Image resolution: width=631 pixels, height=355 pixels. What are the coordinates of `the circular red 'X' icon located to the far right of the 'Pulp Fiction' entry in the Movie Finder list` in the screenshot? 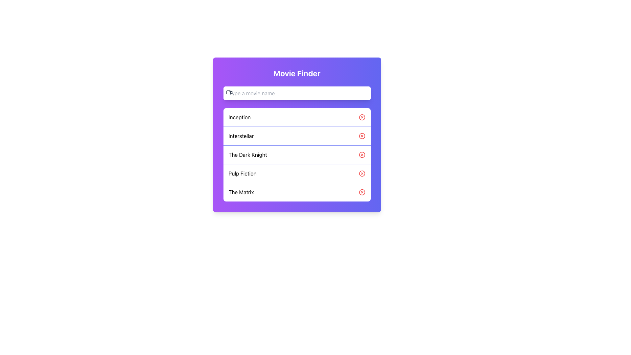 It's located at (362, 173).